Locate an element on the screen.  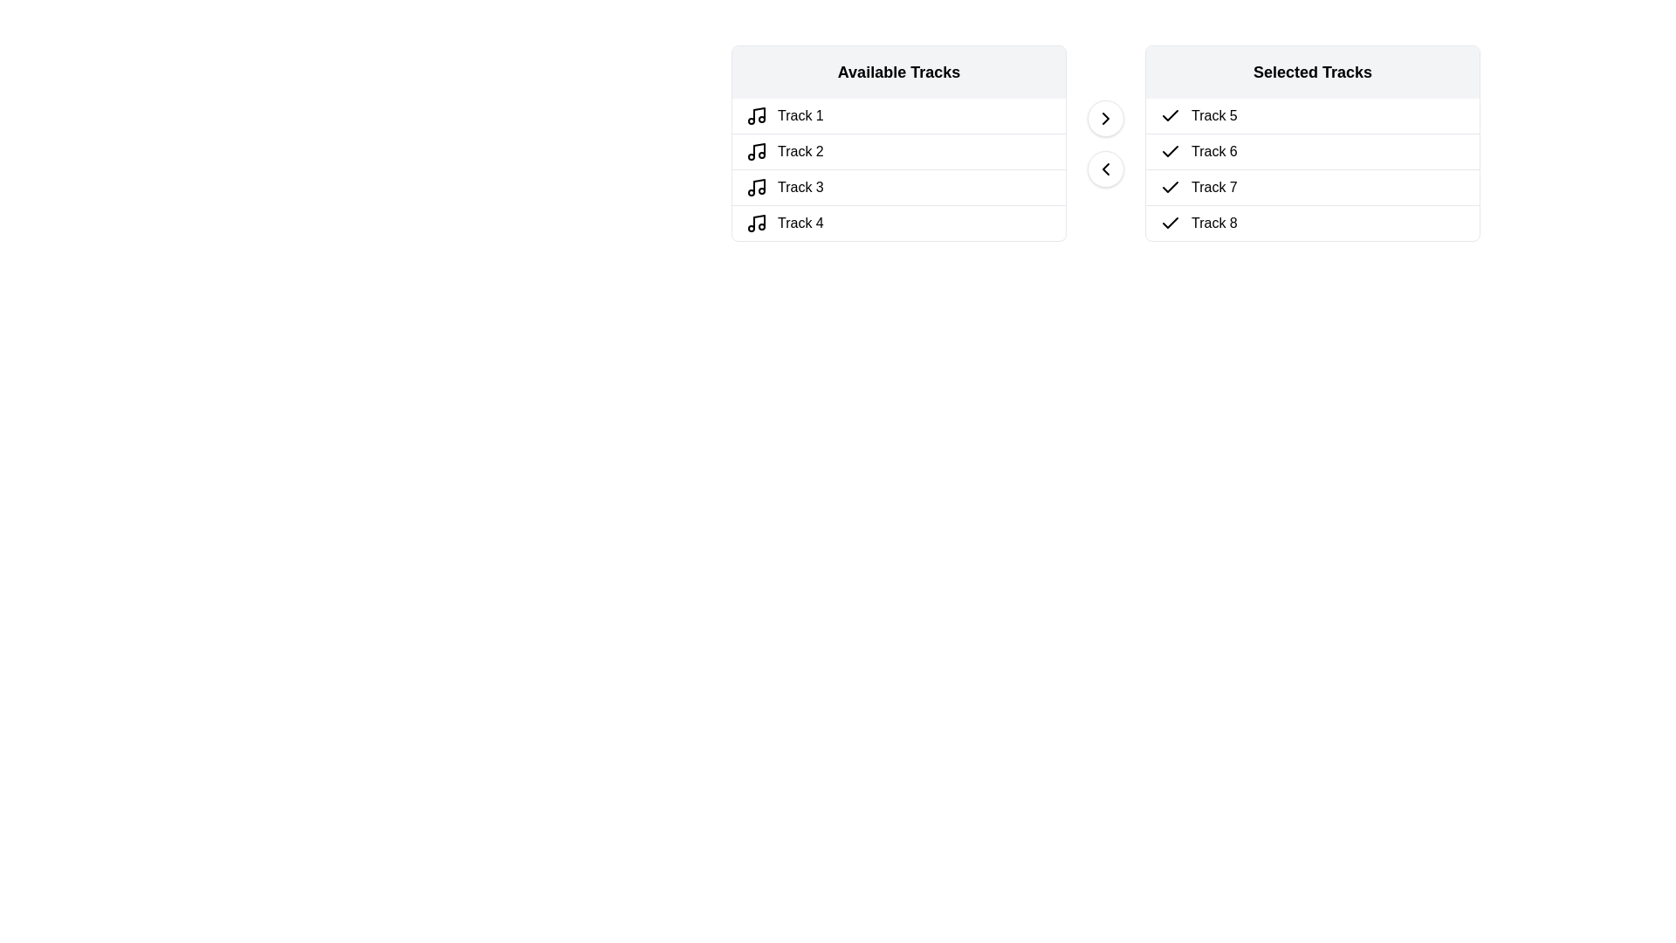
the checkmark icon associated with 'Track 5' in the 'Selected Tracks' section to interpret its selection status is located at coordinates (1170, 115).